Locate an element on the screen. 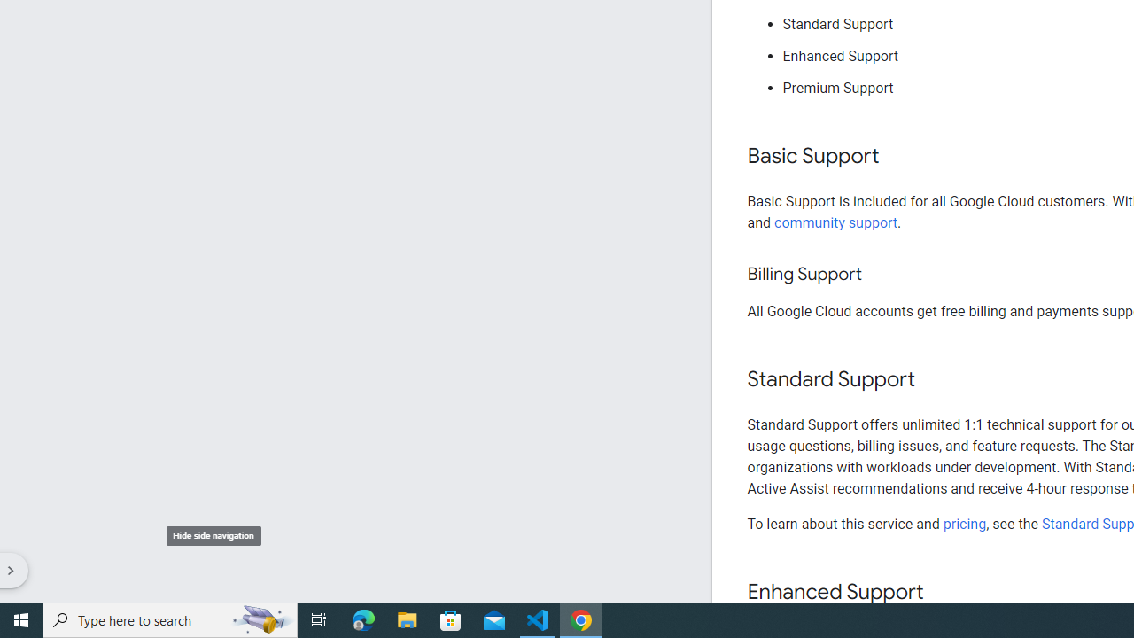  'Copy link to this section: Billing Support' is located at coordinates (879, 275).